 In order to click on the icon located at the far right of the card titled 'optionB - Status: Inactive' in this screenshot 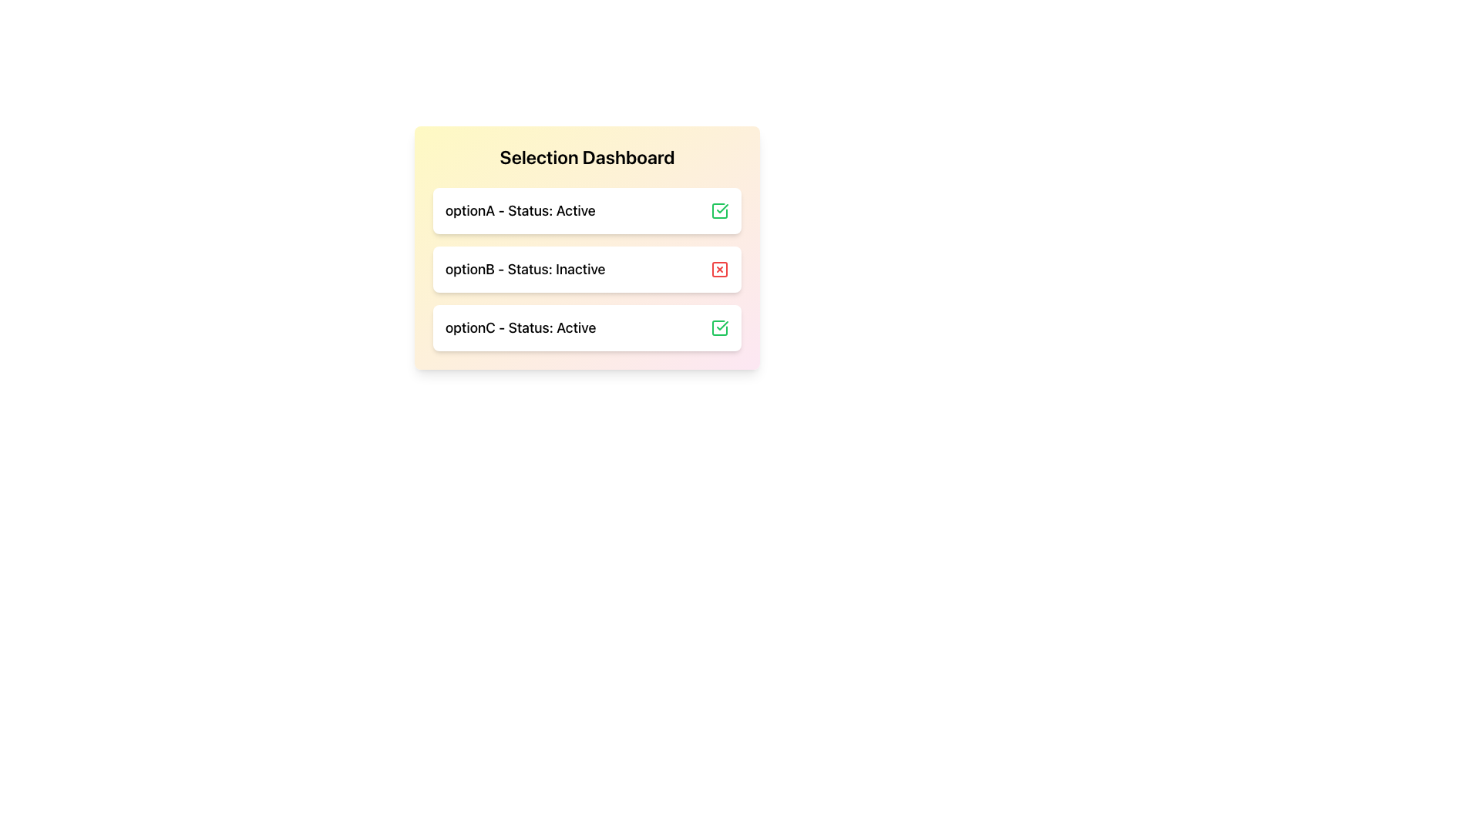, I will do `click(719, 269)`.